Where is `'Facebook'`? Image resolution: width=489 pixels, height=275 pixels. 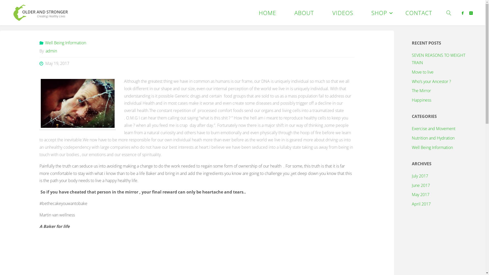 'Facebook' is located at coordinates (463, 12).